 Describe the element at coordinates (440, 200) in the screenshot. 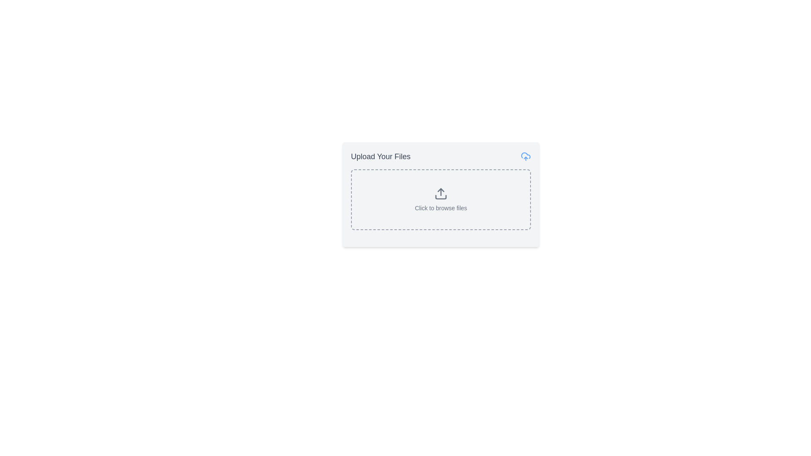

I see `the File upload drop zone, which is a vertically centered box with a dashed border and gray background` at that location.